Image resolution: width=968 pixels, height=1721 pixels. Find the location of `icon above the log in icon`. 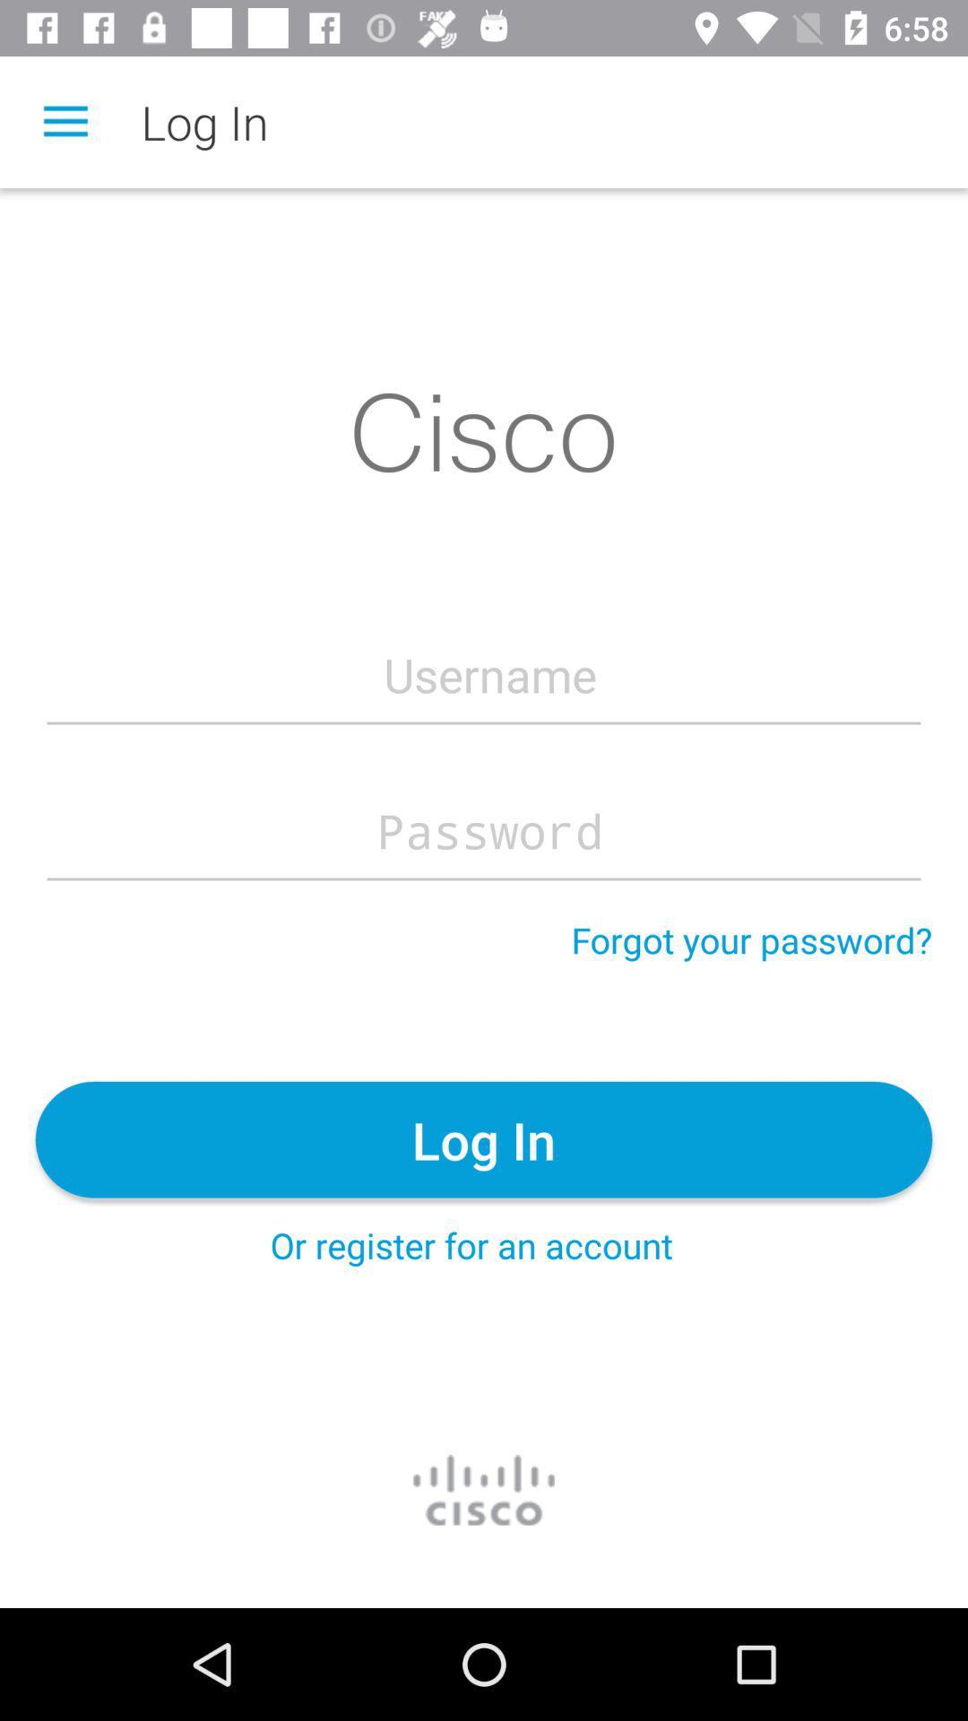

icon above the log in icon is located at coordinates (751, 938).